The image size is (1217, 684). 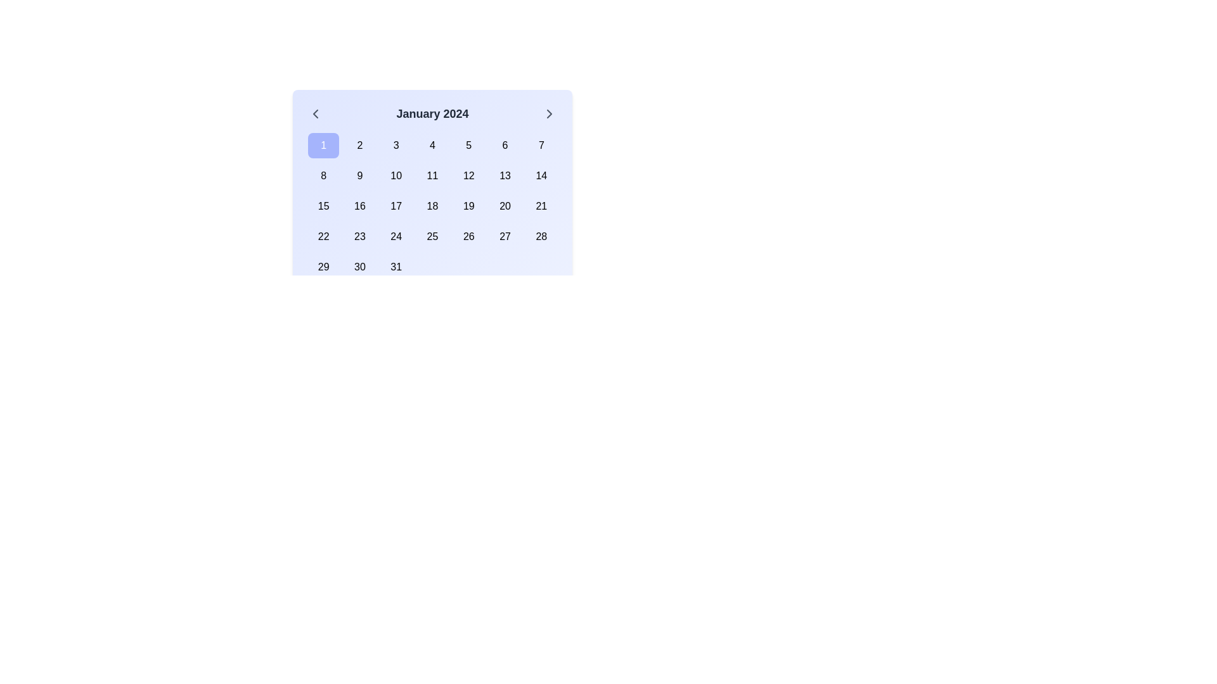 I want to click on the calendar button representing the date '23', so click(x=359, y=237).